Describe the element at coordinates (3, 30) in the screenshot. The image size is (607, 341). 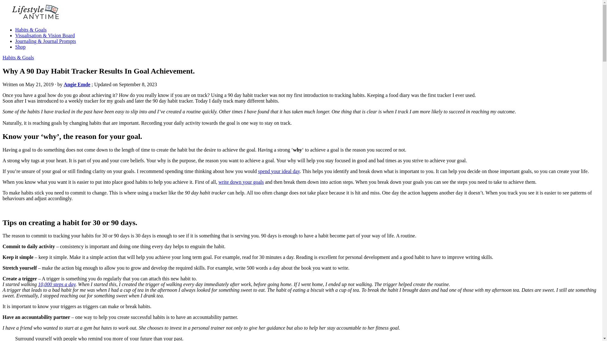
I see `'Lifestyle Anytime'` at that location.